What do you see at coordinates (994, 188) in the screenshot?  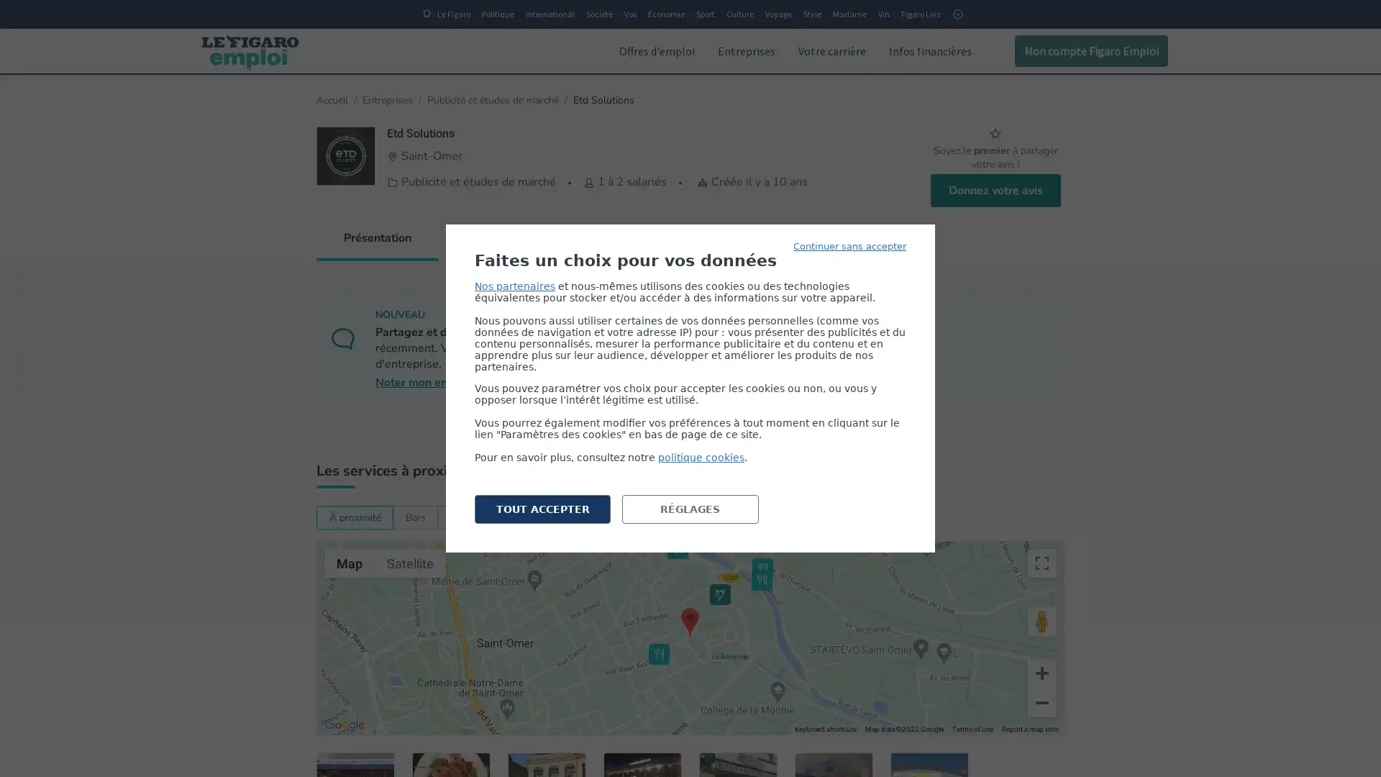 I see `Donnez votre avis` at bounding box center [994, 188].